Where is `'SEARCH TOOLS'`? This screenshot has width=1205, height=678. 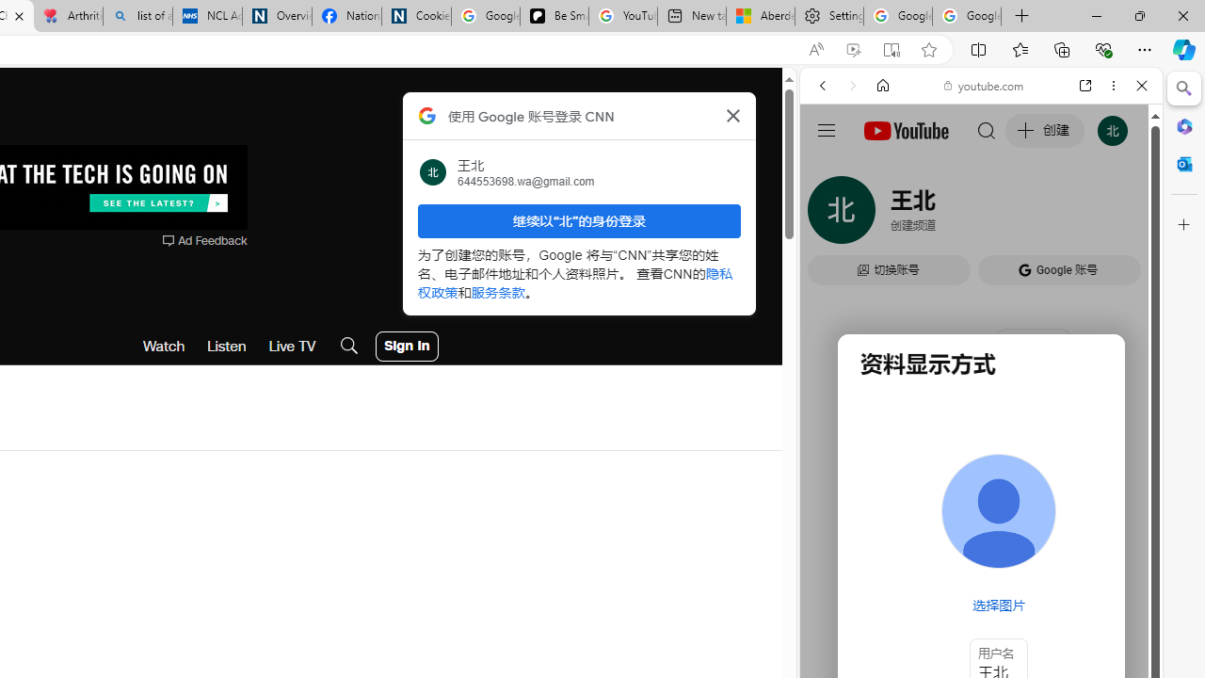
'SEARCH TOOLS' is located at coordinates (1028, 214).